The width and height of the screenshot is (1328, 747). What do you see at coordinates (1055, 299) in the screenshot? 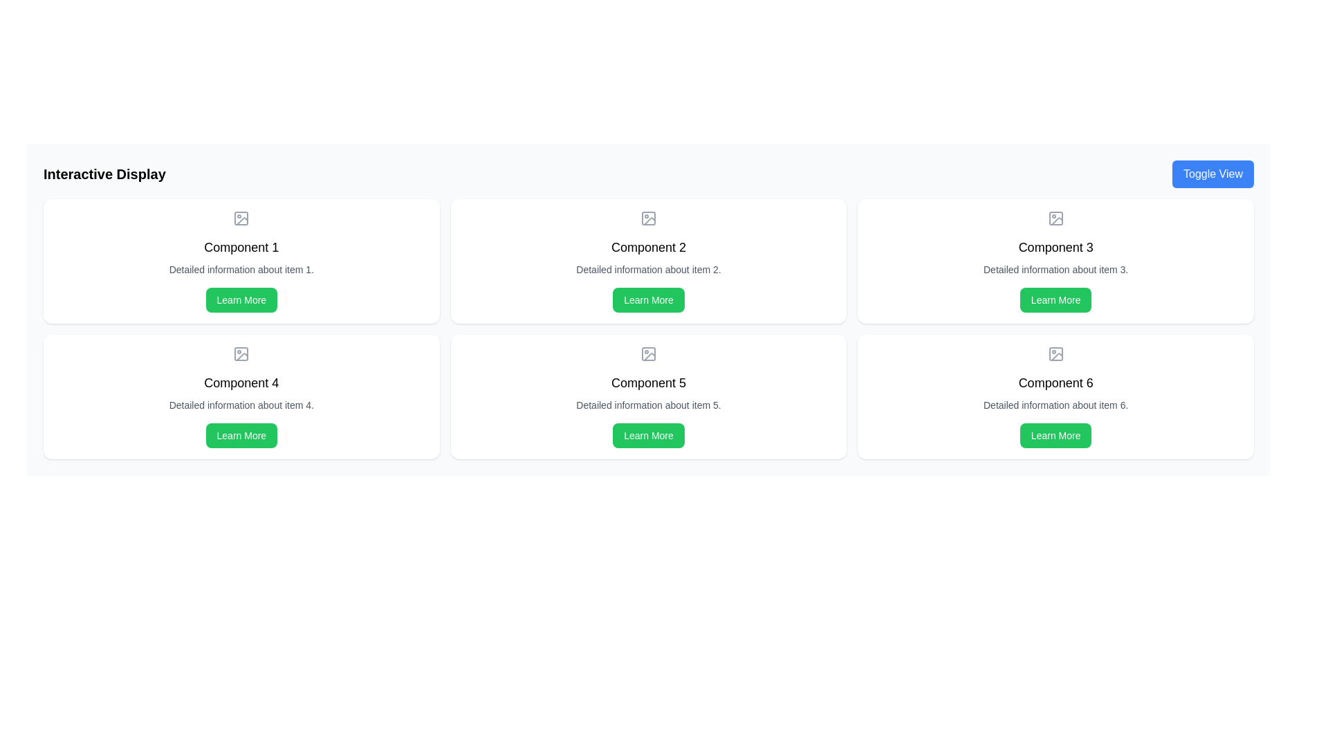
I see `the green 'Learn More' button with white text` at bounding box center [1055, 299].